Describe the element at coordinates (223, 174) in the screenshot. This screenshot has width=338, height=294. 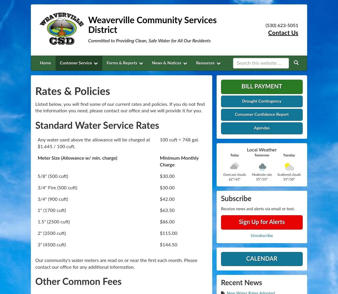
I see `'Overcast clouds'` at that location.